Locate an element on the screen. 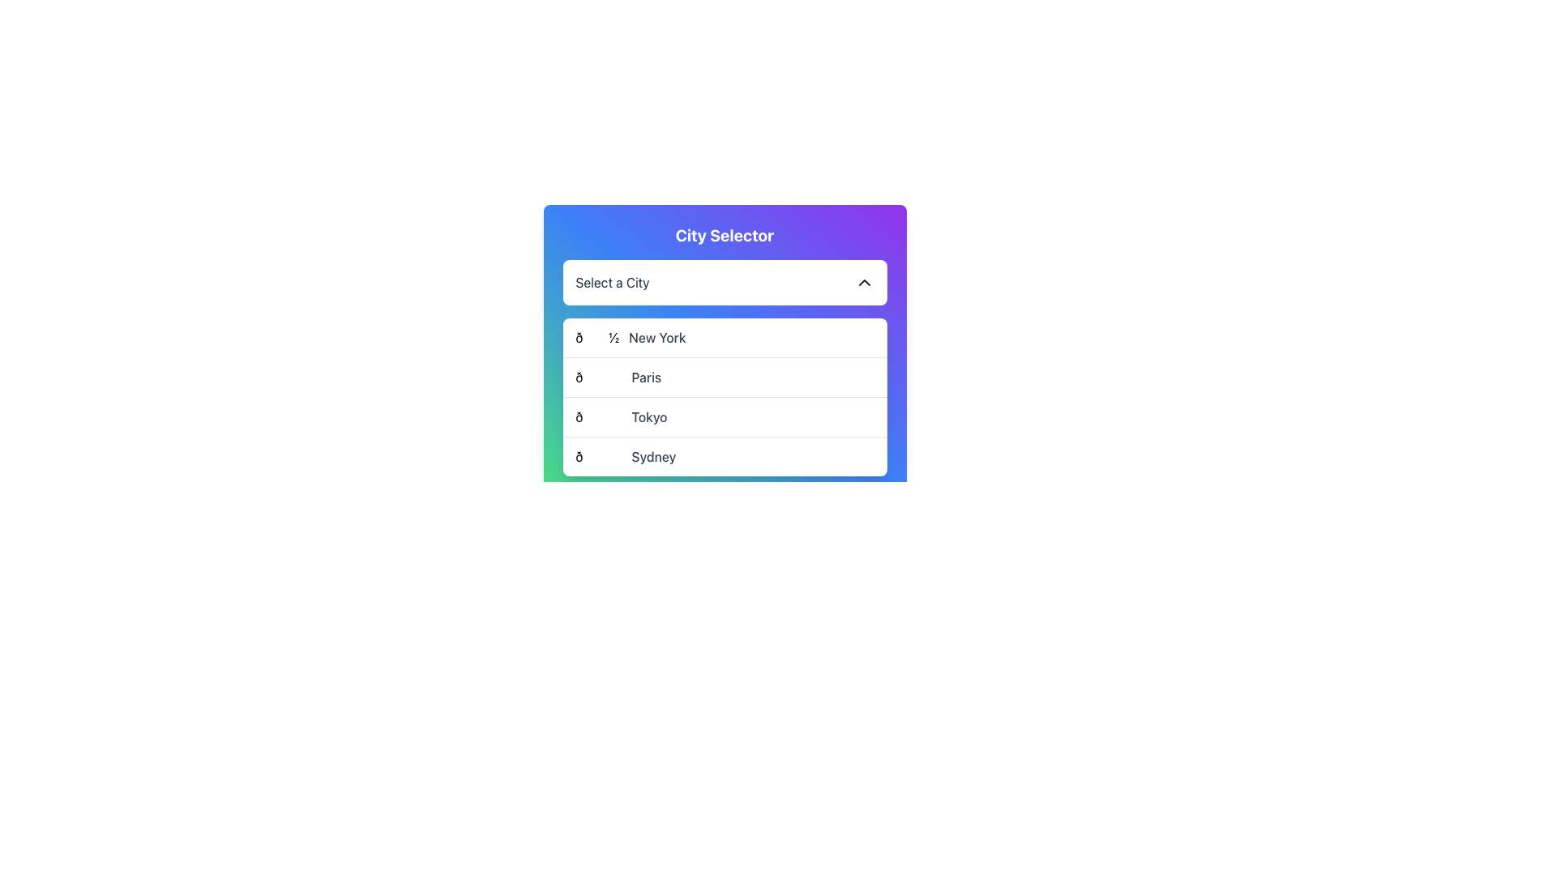 This screenshot has height=875, width=1556. the list item displaying 'Tokyo' in the City Selector dropdown menu is located at coordinates (724, 416).